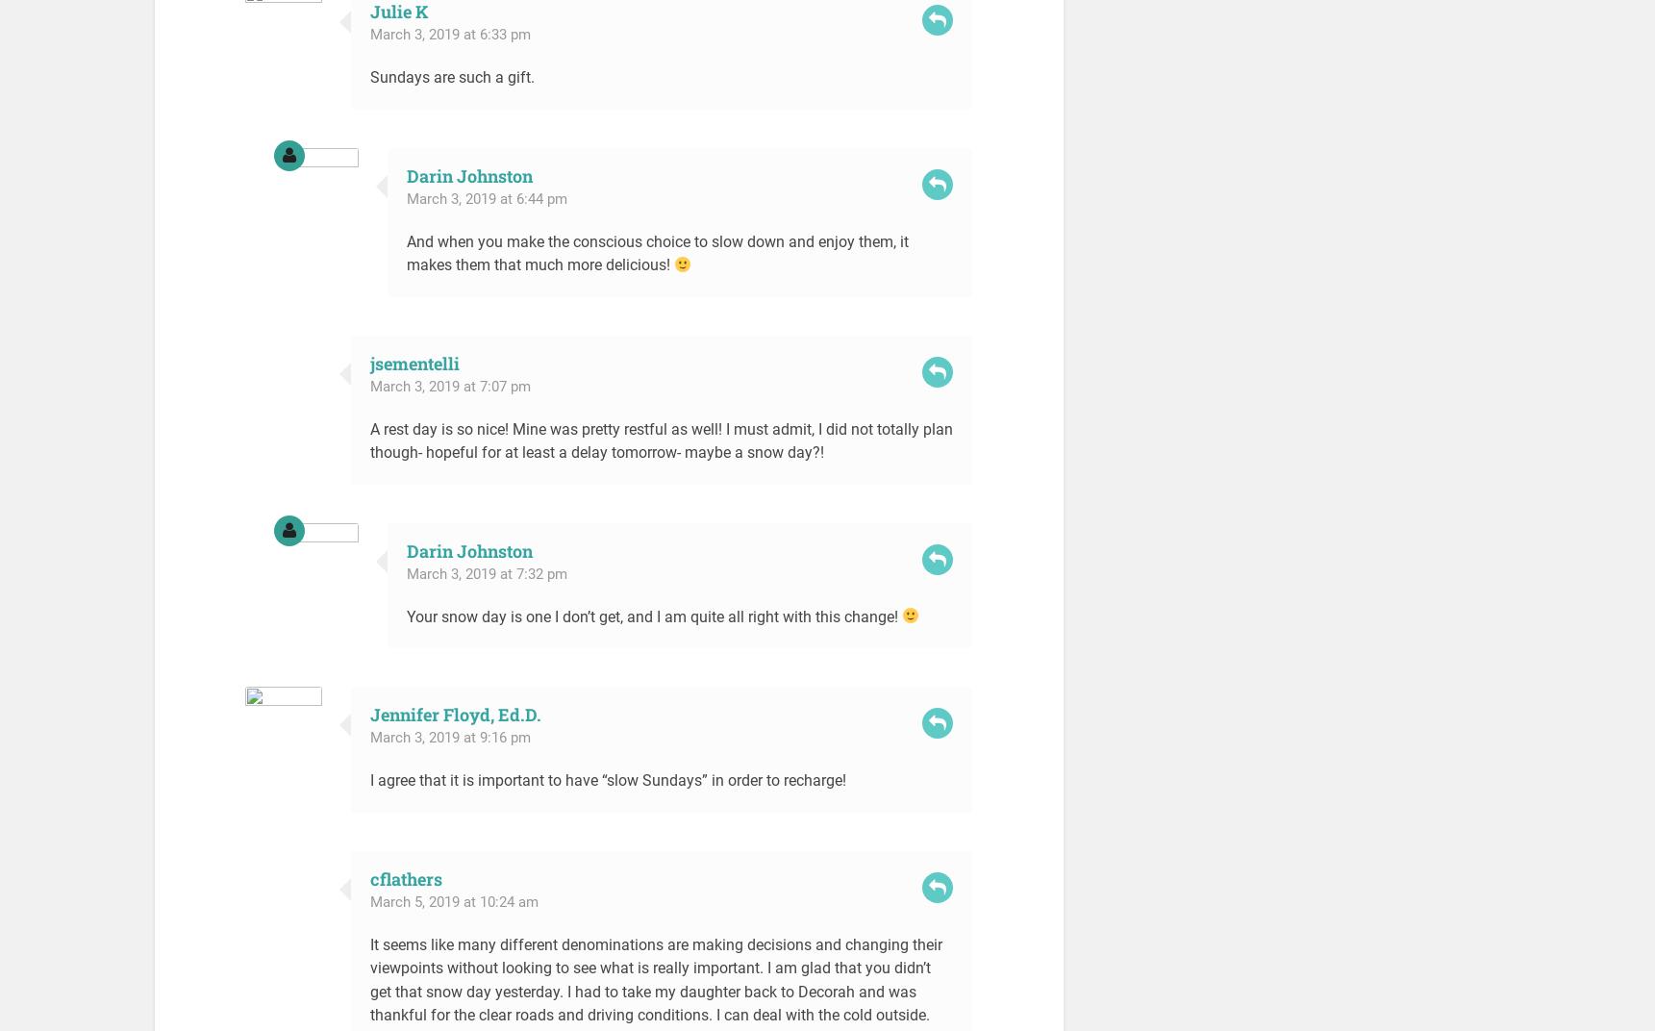  I want to click on 'March 3, 2019 at 9:16 pm', so click(450, 738).